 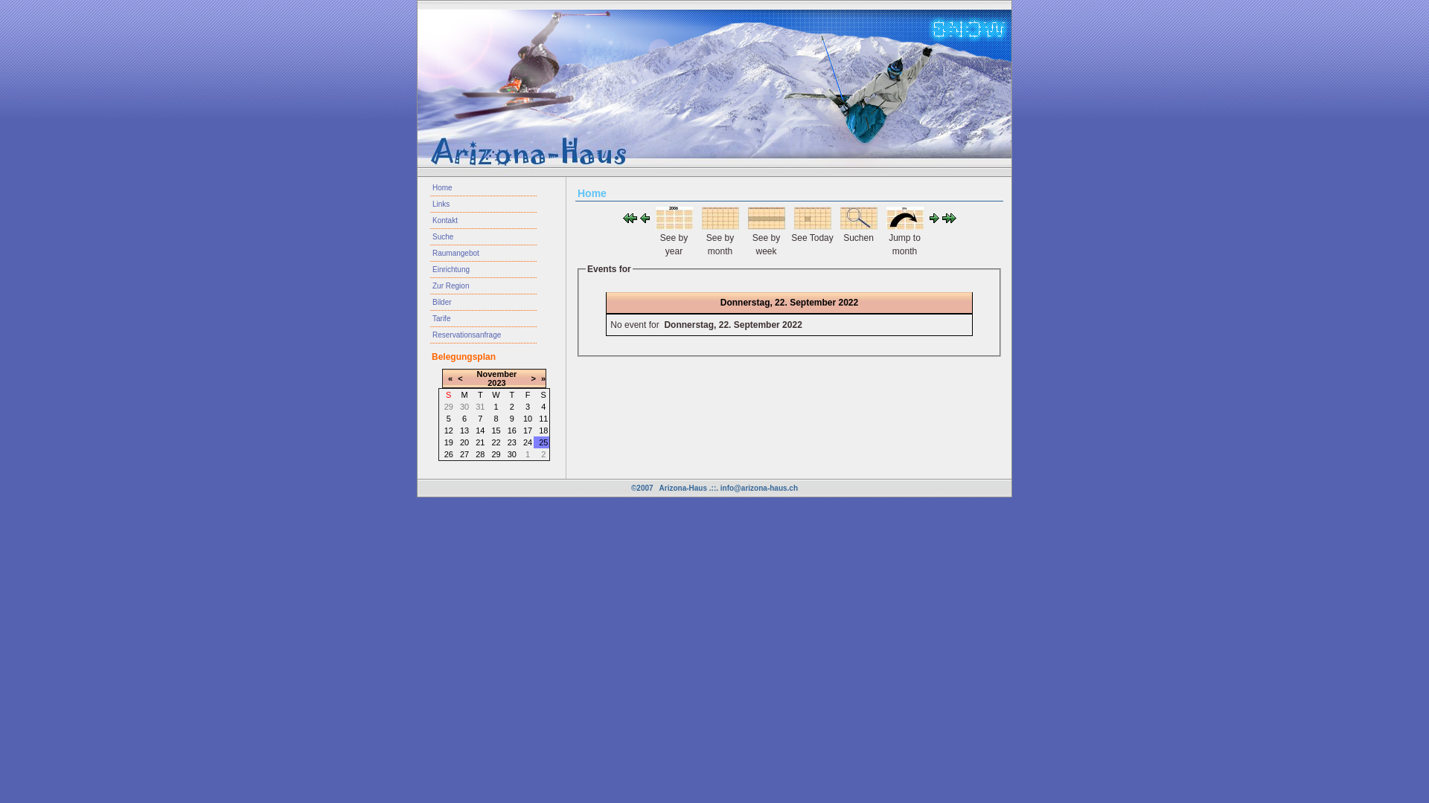 What do you see at coordinates (448, 453) in the screenshot?
I see `'26'` at bounding box center [448, 453].